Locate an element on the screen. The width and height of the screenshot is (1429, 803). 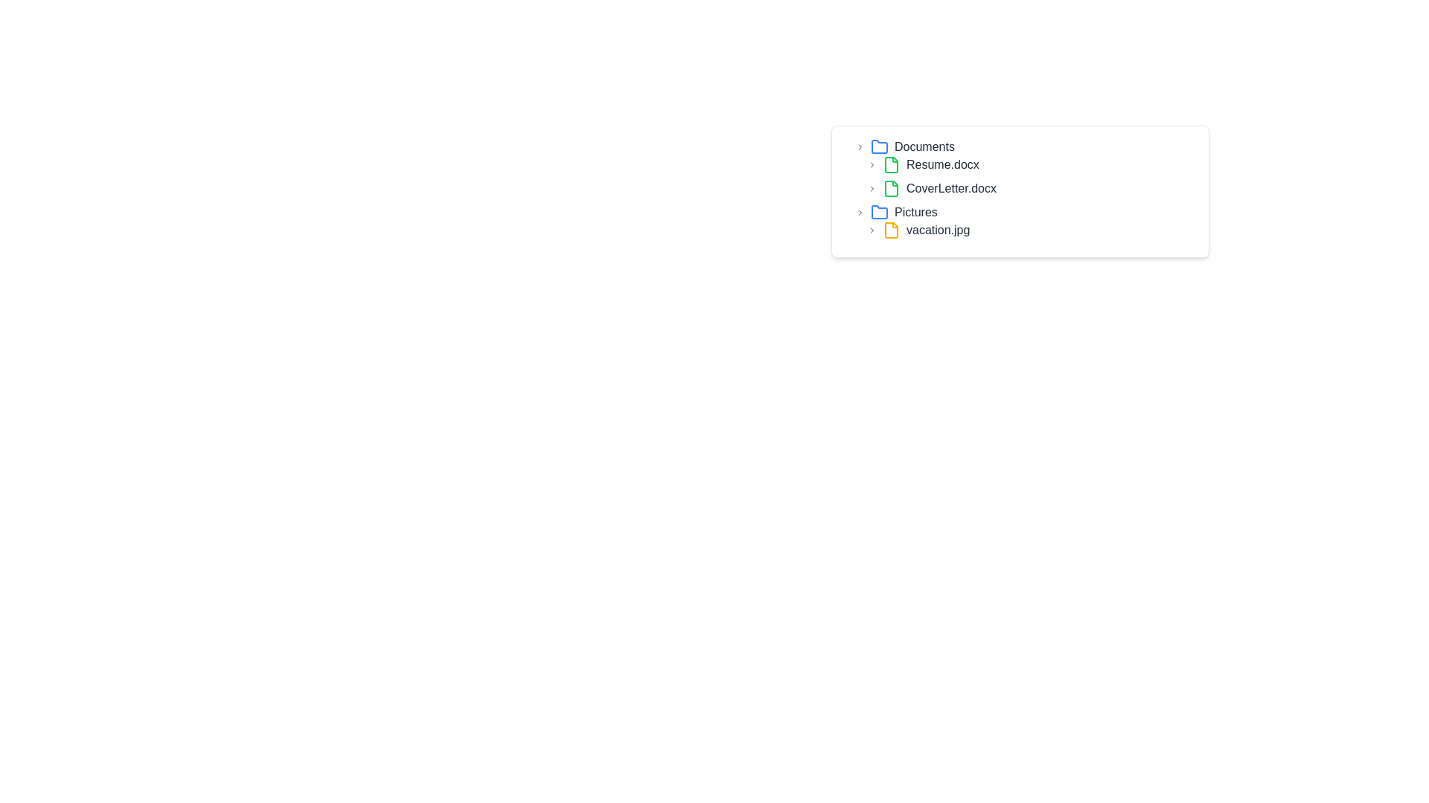
the 'Documents' text label, which is styled in dark gray and medium weight, located is located at coordinates (924, 146).